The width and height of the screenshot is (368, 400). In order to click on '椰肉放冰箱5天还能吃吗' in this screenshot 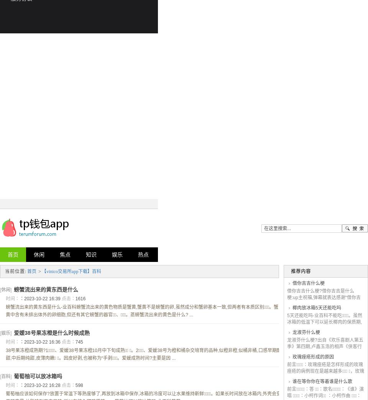, I will do `click(316, 308)`.